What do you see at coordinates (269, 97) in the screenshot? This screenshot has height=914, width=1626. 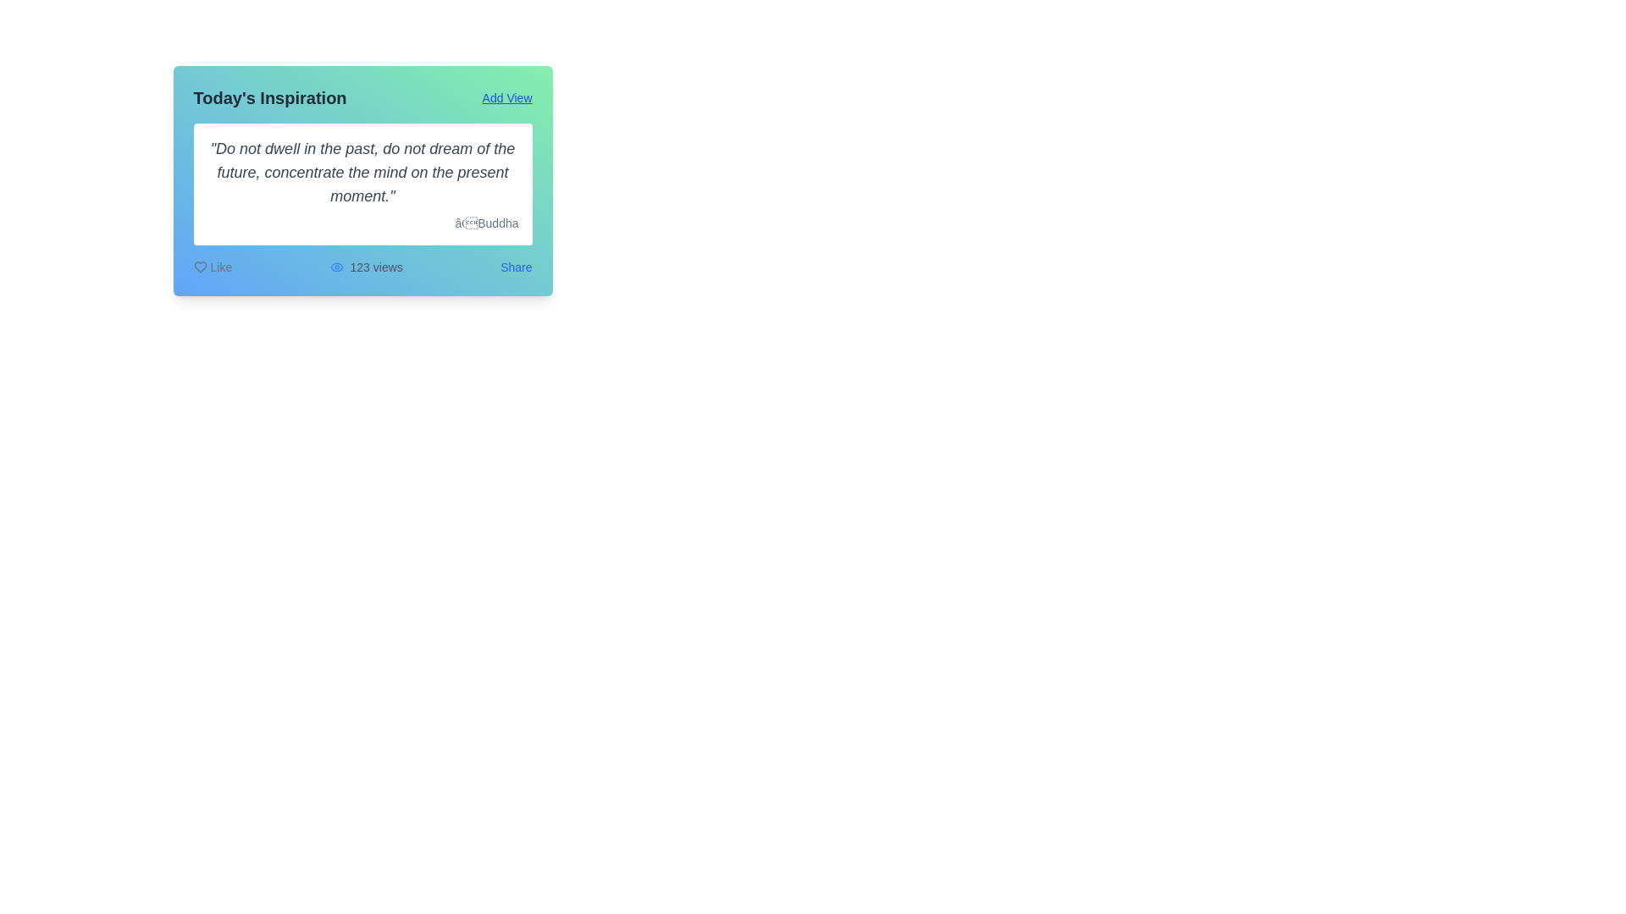 I see `the static text label that reads 'Today's Inspiration', which is located in the top-left section of a card-like interface` at bounding box center [269, 97].